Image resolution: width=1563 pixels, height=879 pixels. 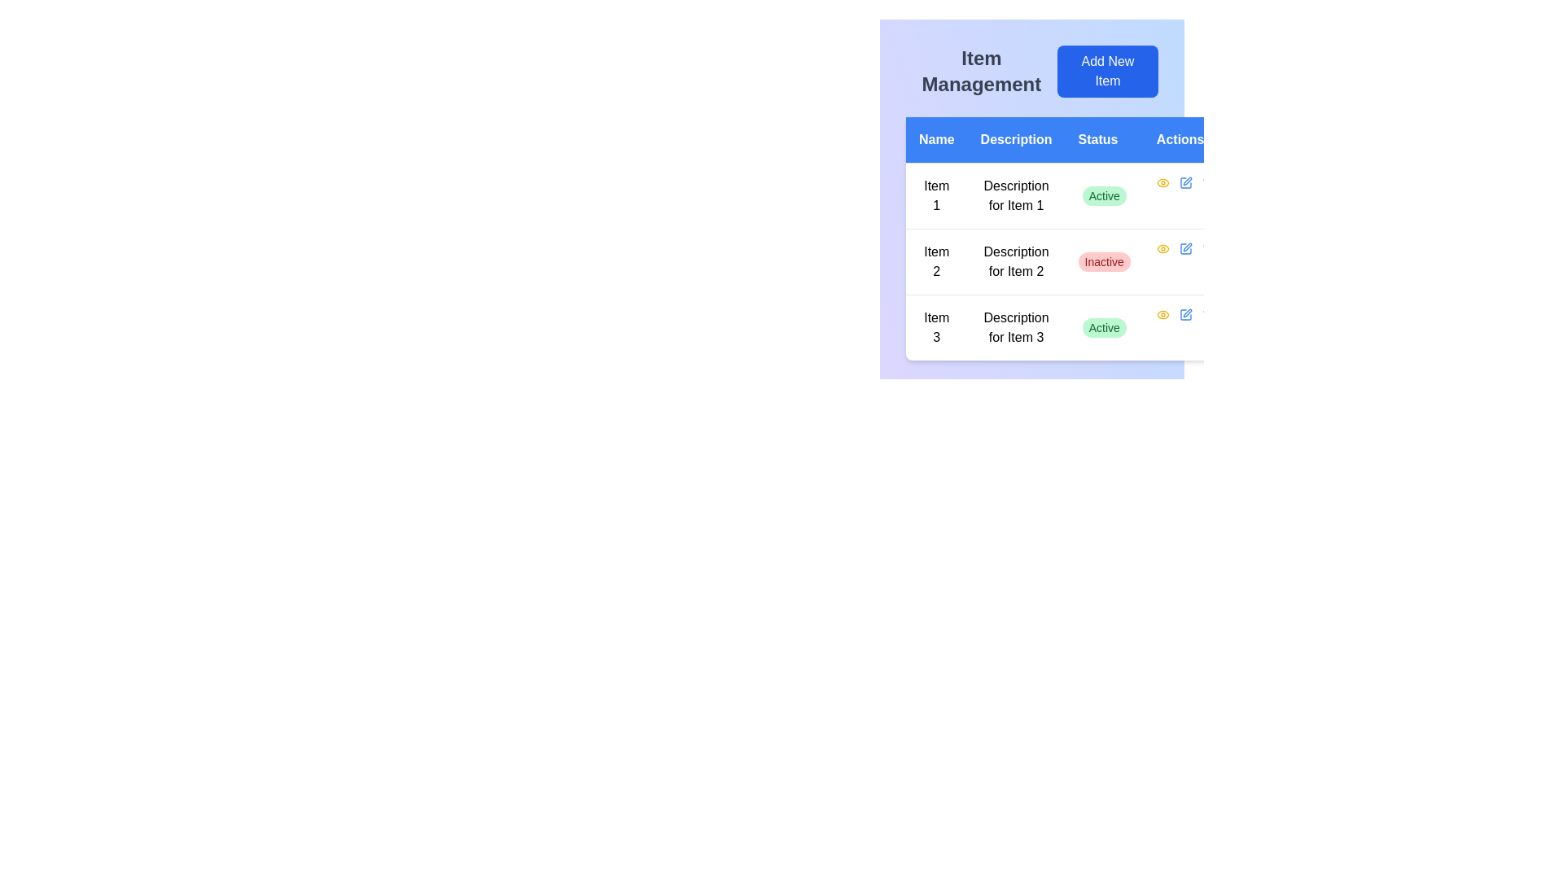 What do you see at coordinates (936, 139) in the screenshot?
I see `the Text Label displaying 'Name' in white on a blue background, which is located in the top-left corner of a horizontal list of labels` at bounding box center [936, 139].